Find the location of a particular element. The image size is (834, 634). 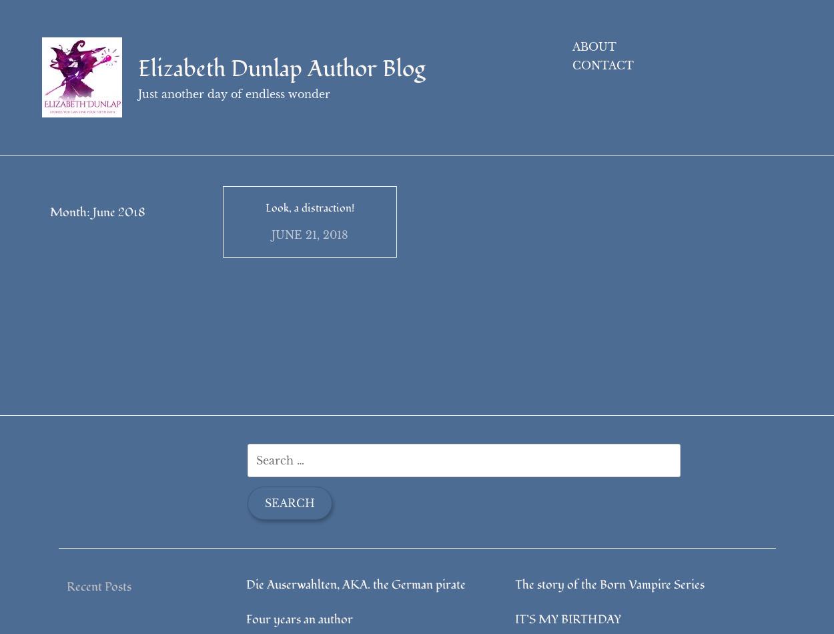

'Contact' is located at coordinates (602, 65).